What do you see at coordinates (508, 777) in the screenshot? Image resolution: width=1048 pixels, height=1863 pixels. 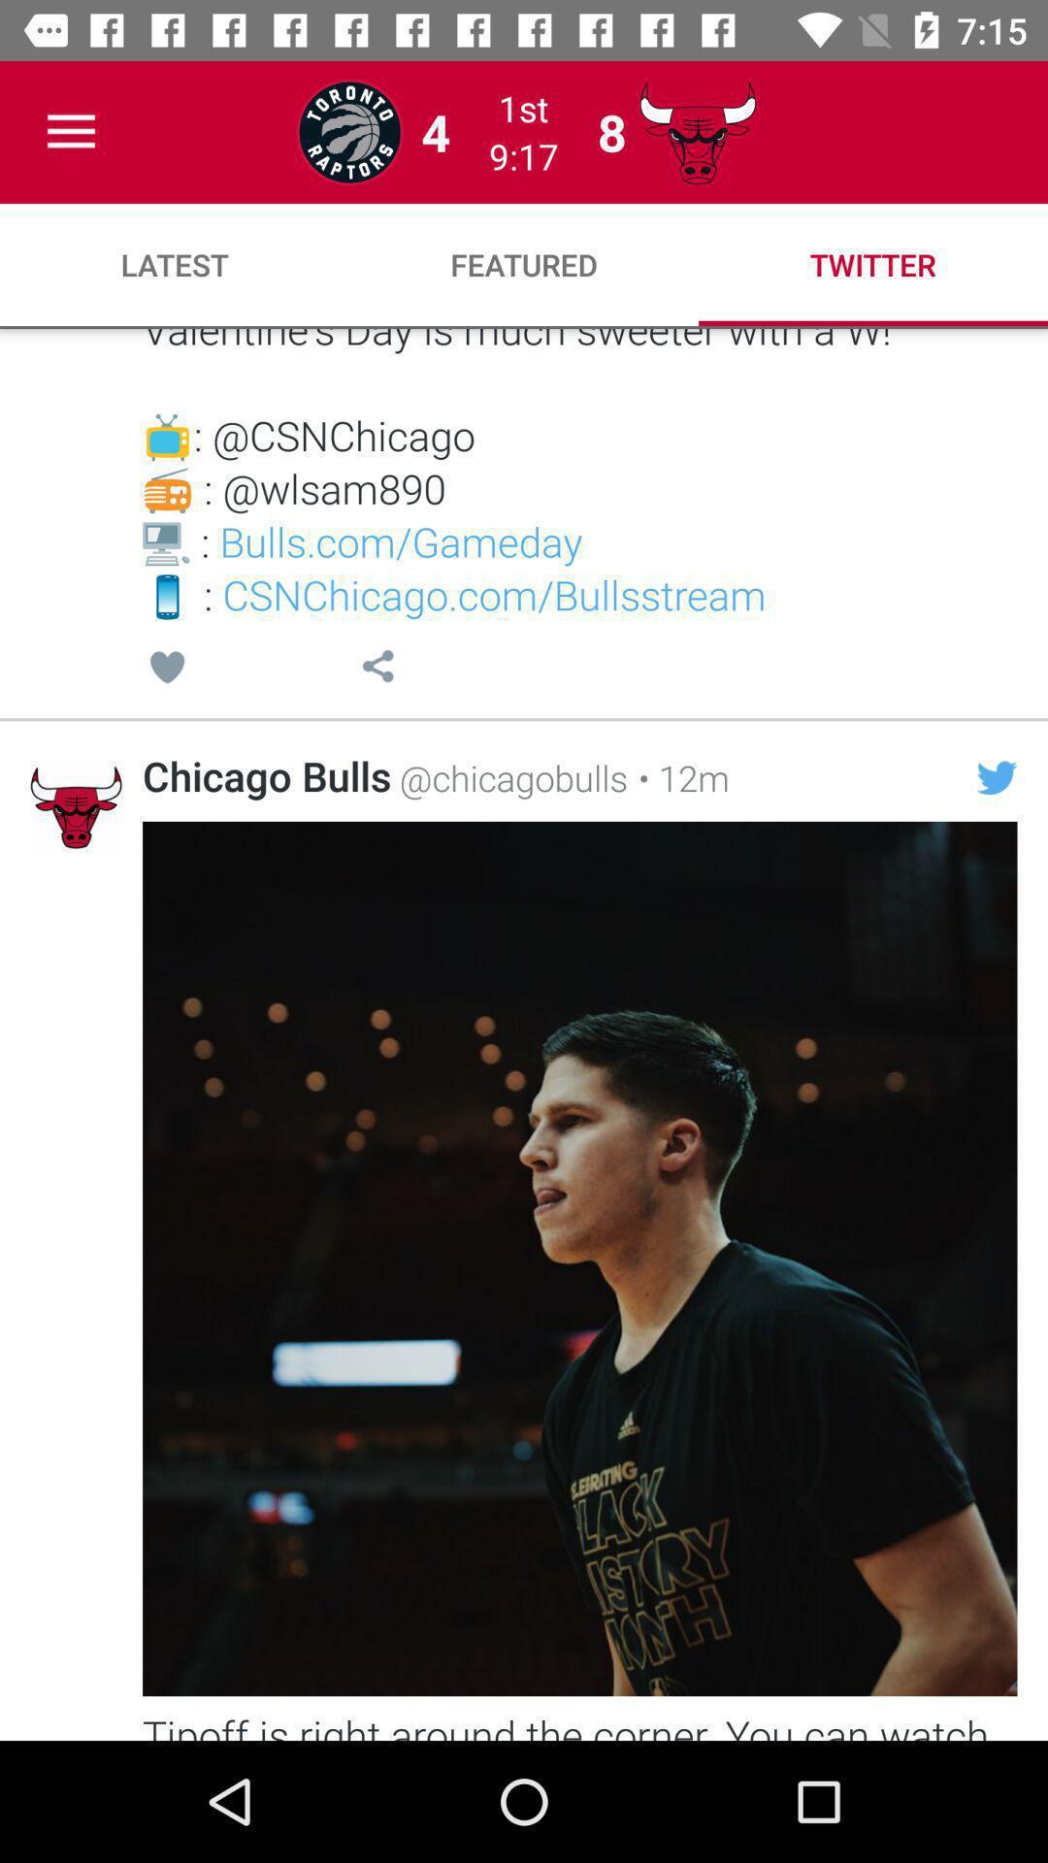 I see `@chicagobulls item` at bounding box center [508, 777].